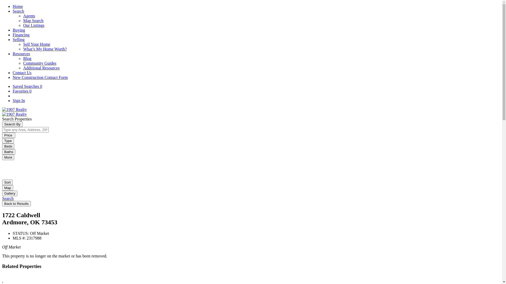  I want to click on 'Sell Your Home', so click(23, 44).